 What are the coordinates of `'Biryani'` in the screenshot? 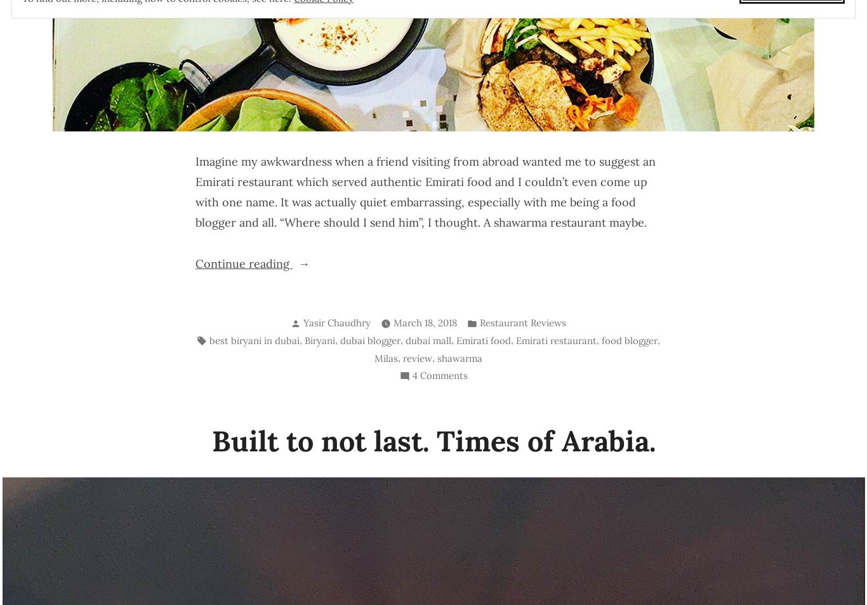 It's located at (320, 340).